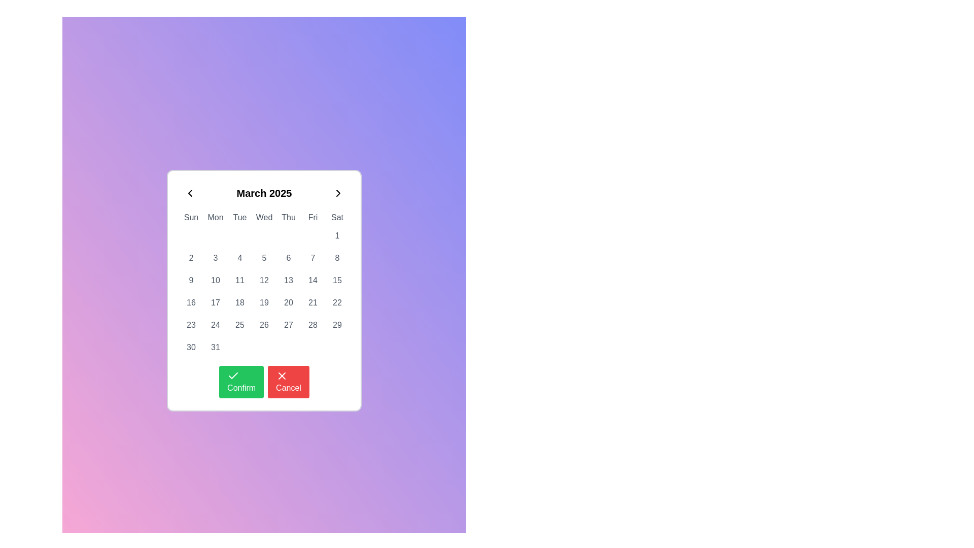 The height and width of the screenshot is (548, 974). I want to click on the navigational arrow, a chevron pointing to the right, located at the top-right corner of the calendar interface near the text 'March 2025', so click(338, 193).